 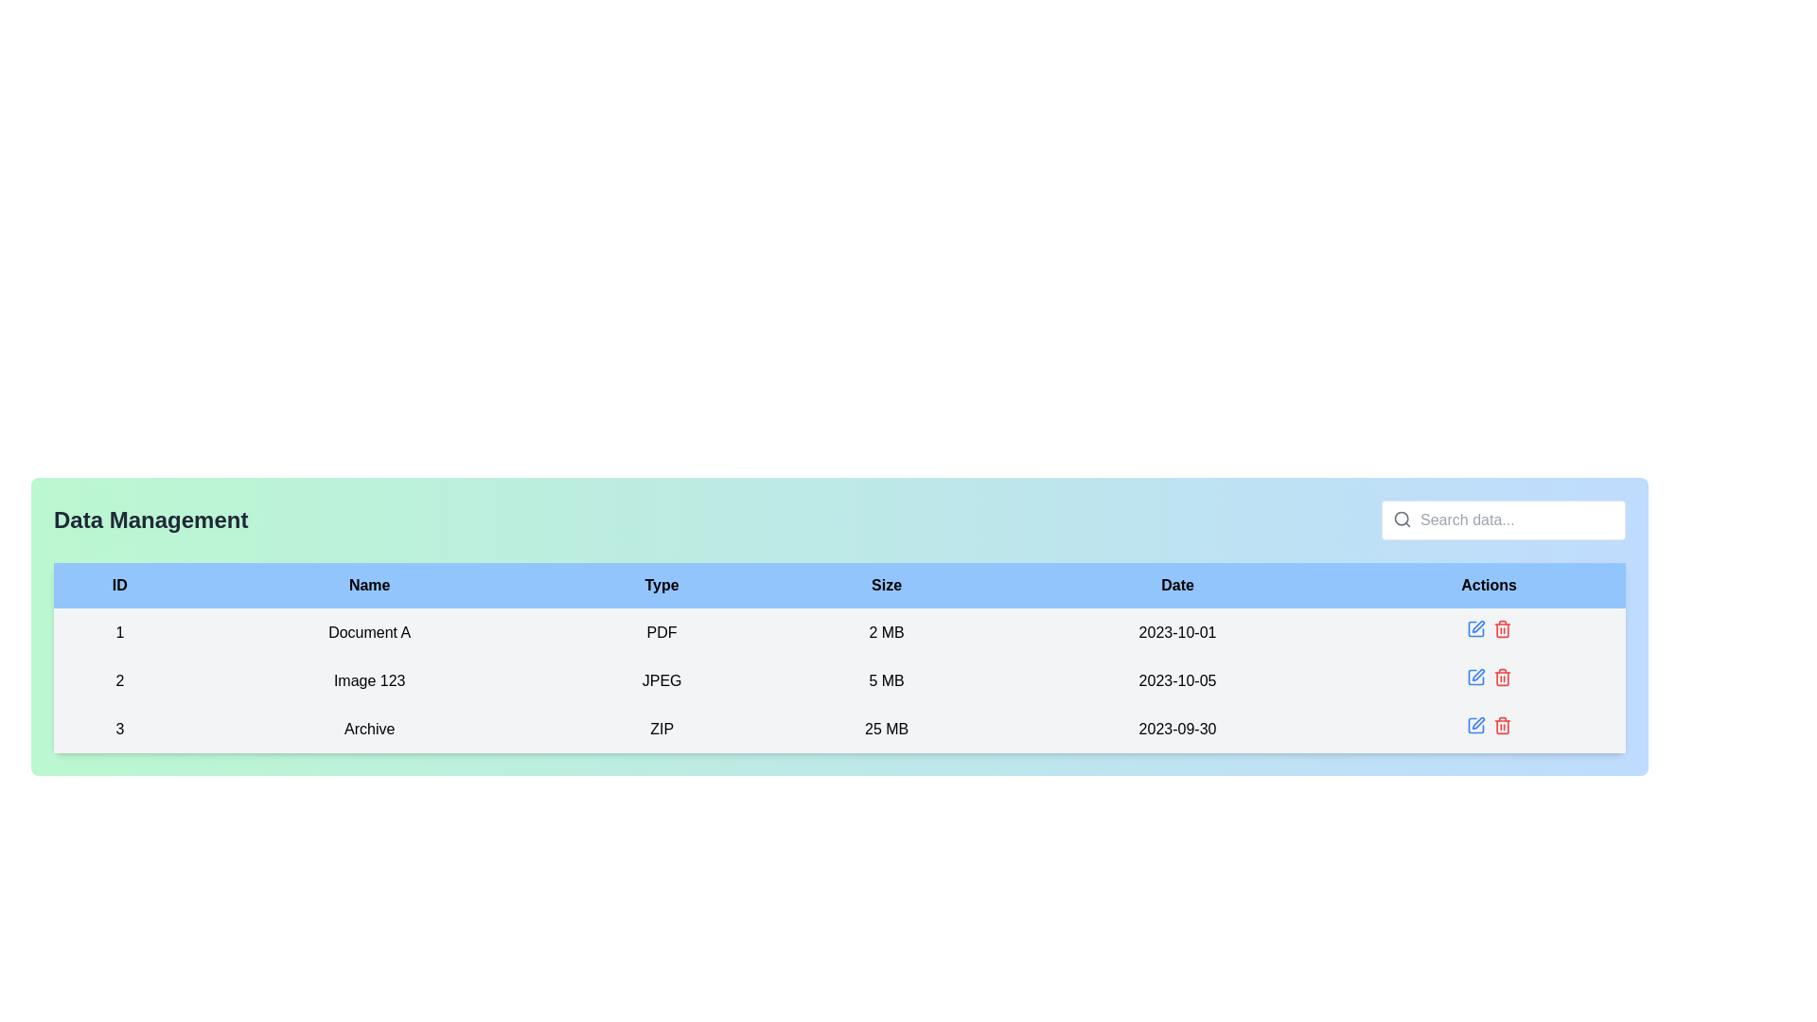 I want to click on the blue pen icon button located in the first row of the 'Actions' column of the data management table, so click(x=1474, y=628).